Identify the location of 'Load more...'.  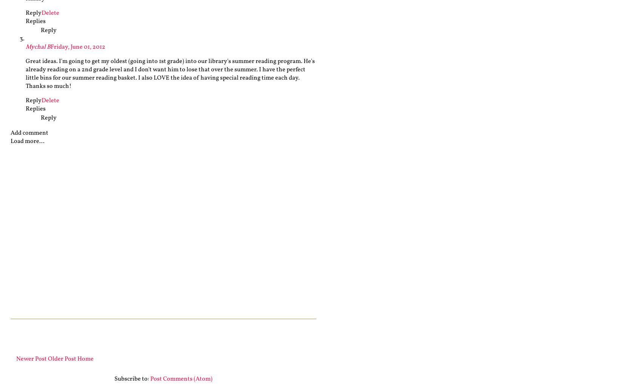
(27, 141).